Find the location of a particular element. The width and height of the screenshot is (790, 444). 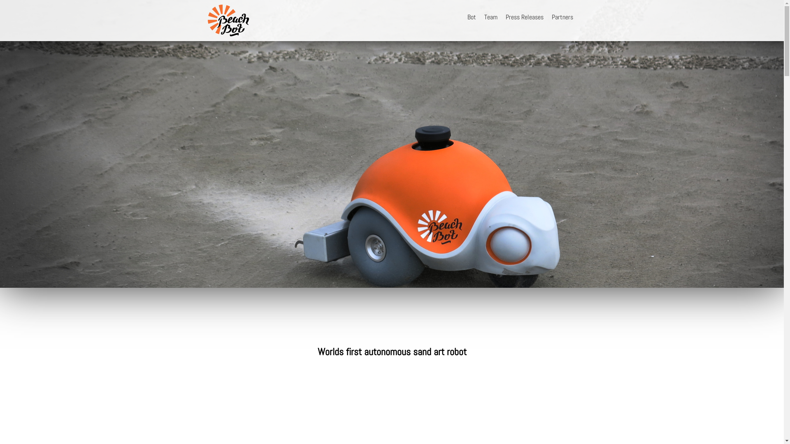

'Partners' is located at coordinates (562, 17).